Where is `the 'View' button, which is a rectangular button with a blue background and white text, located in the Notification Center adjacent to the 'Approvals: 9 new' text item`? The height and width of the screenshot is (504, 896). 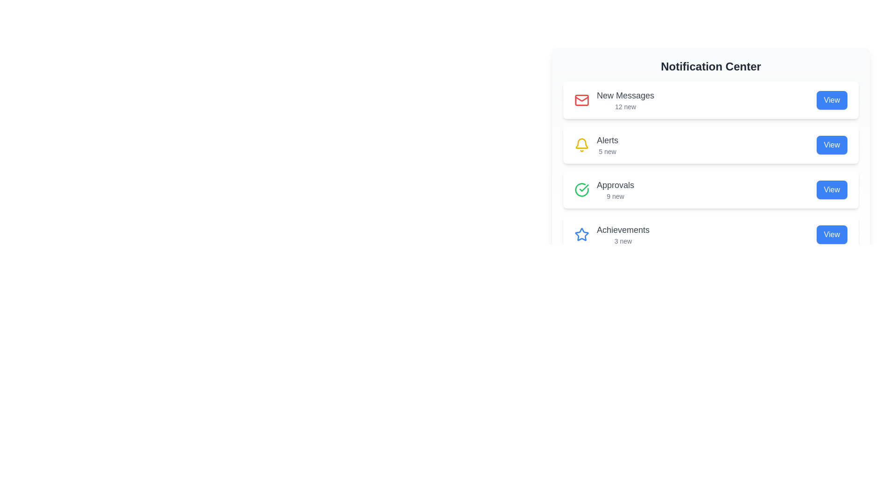 the 'View' button, which is a rectangular button with a blue background and white text, located in the Notification Center adjacent to the 'Approvals: 9 new' text item is located at coordinates (832, 189).